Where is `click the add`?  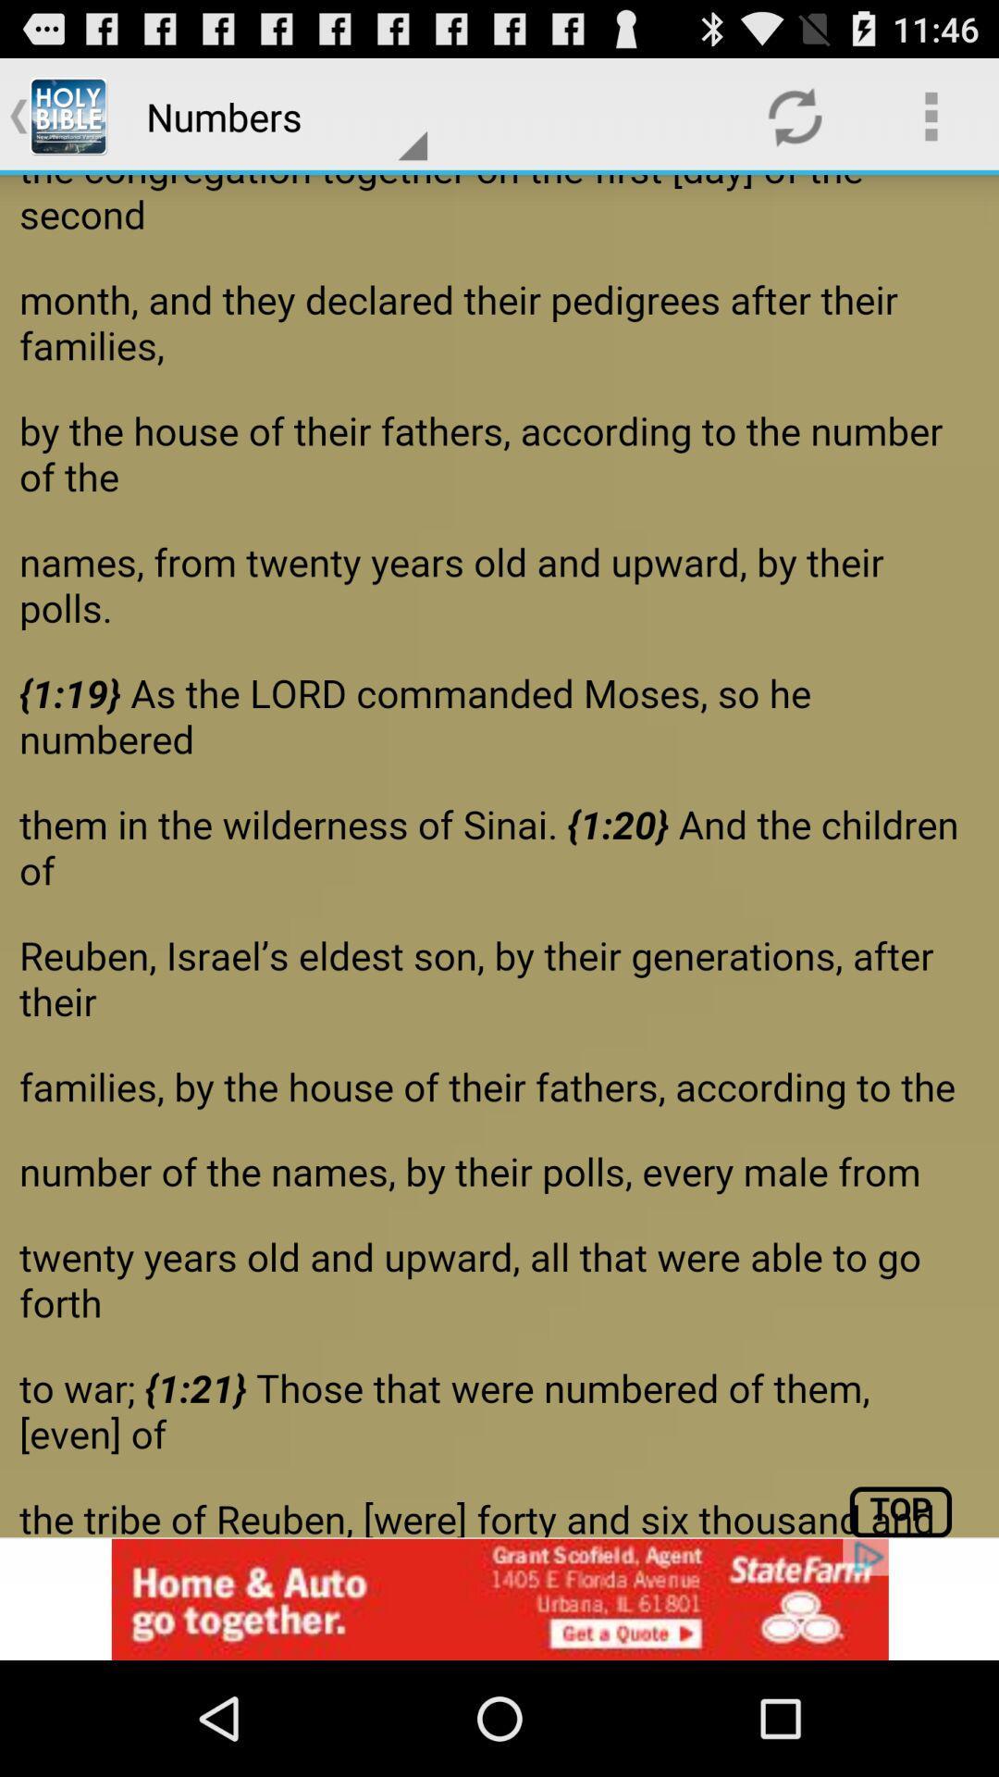
click the add is located at coordinates (499, 1598).